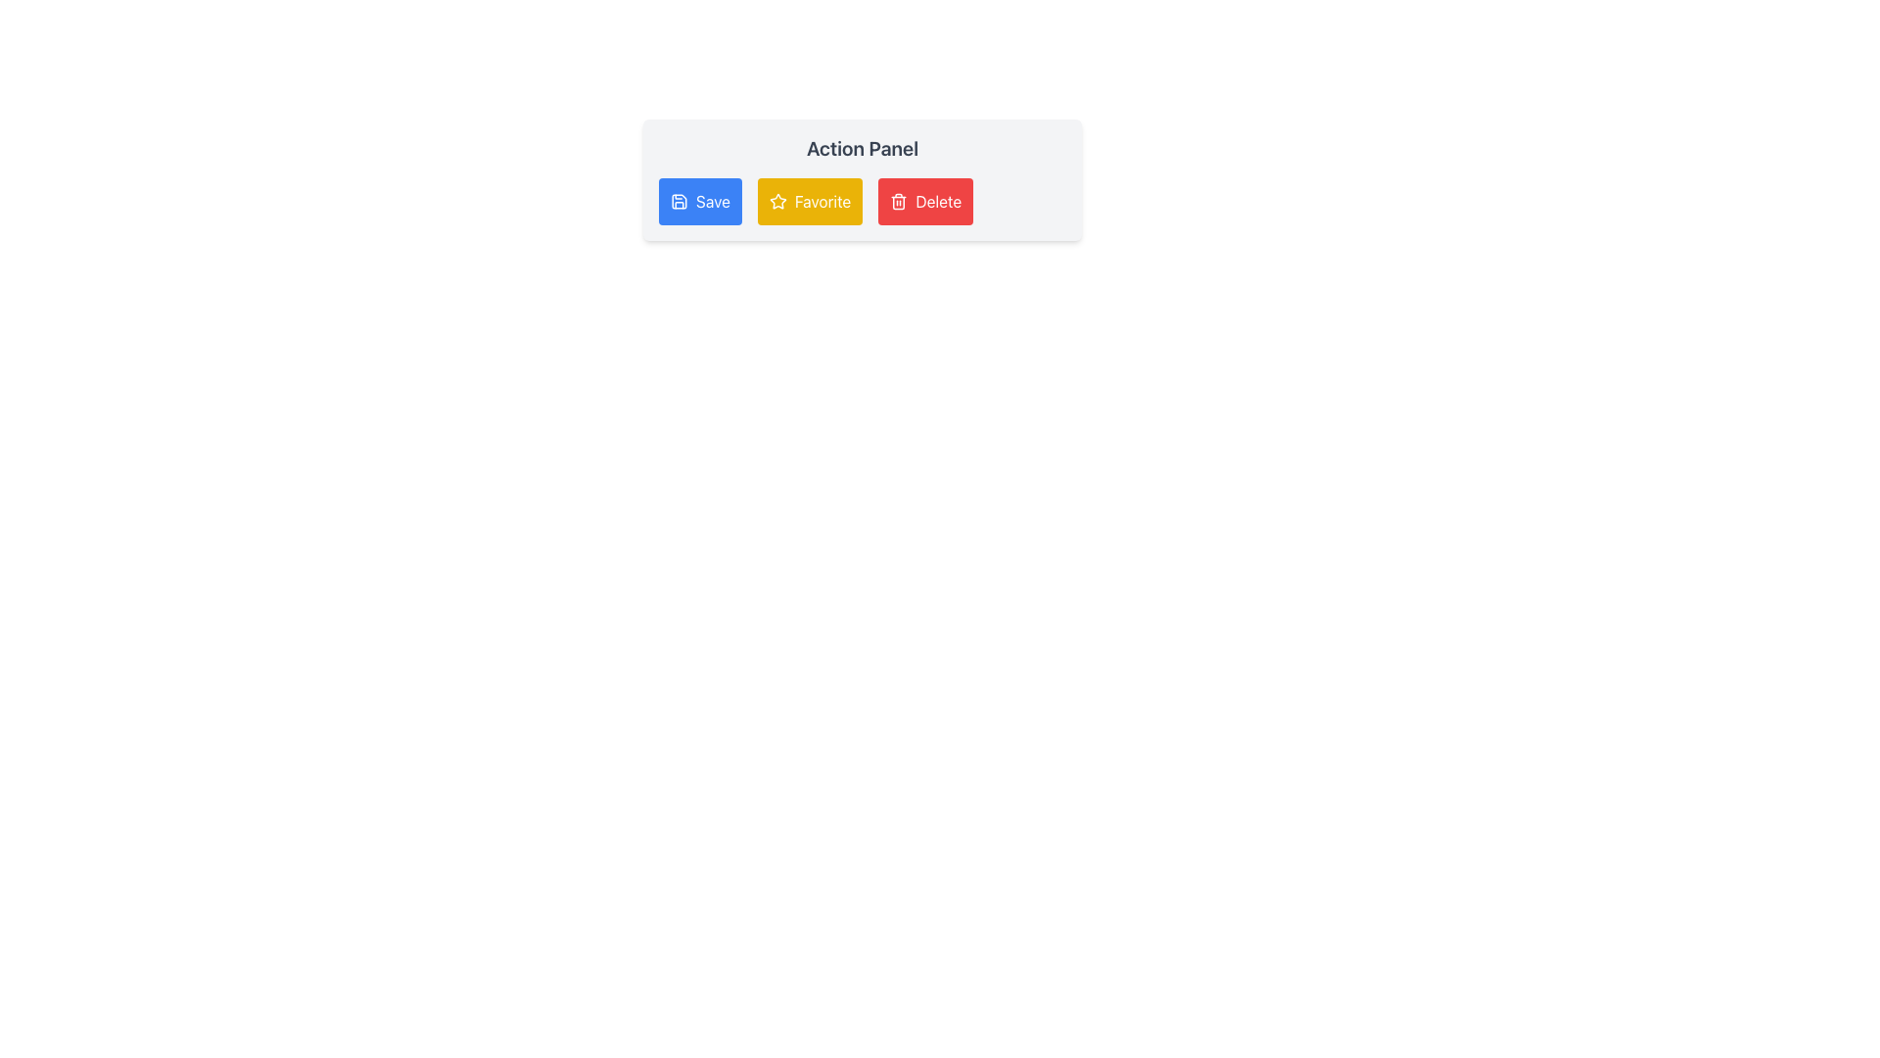 Image resolution: width=1880 pixels, height=1058 pixels. I want to click on the 'Save' button, which is the leftmost button in a horizontal row of three buttons within a white panel, so click(700, 201).